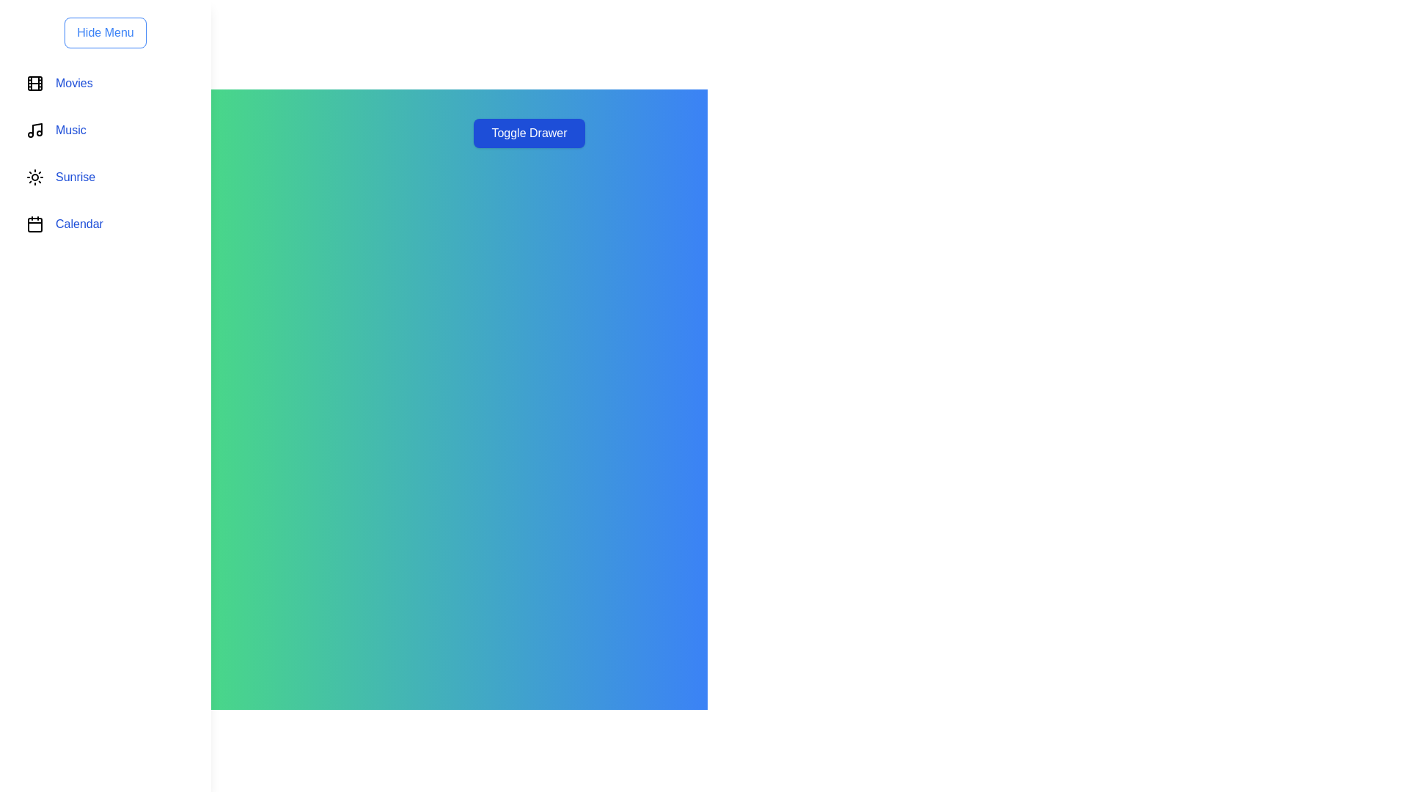  Describe the element at coordinates (105, 84) in the screenshot. I see `the menu item Movies` at that location.